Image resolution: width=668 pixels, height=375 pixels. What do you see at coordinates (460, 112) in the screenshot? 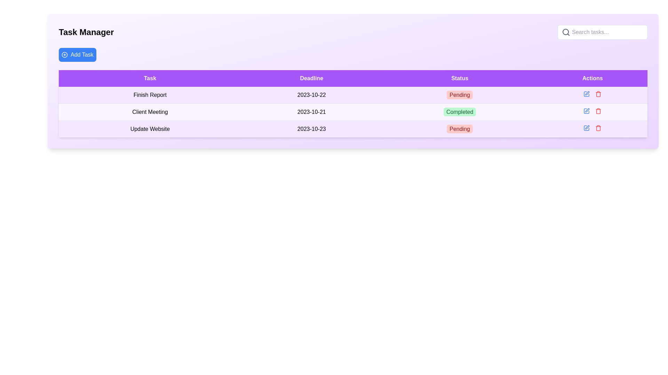
I see `the green badge labeled 'Completed' in the 'Status' column of the second row corresponding to the task 'Client Meeting.'` at bounding box center [460, 112].